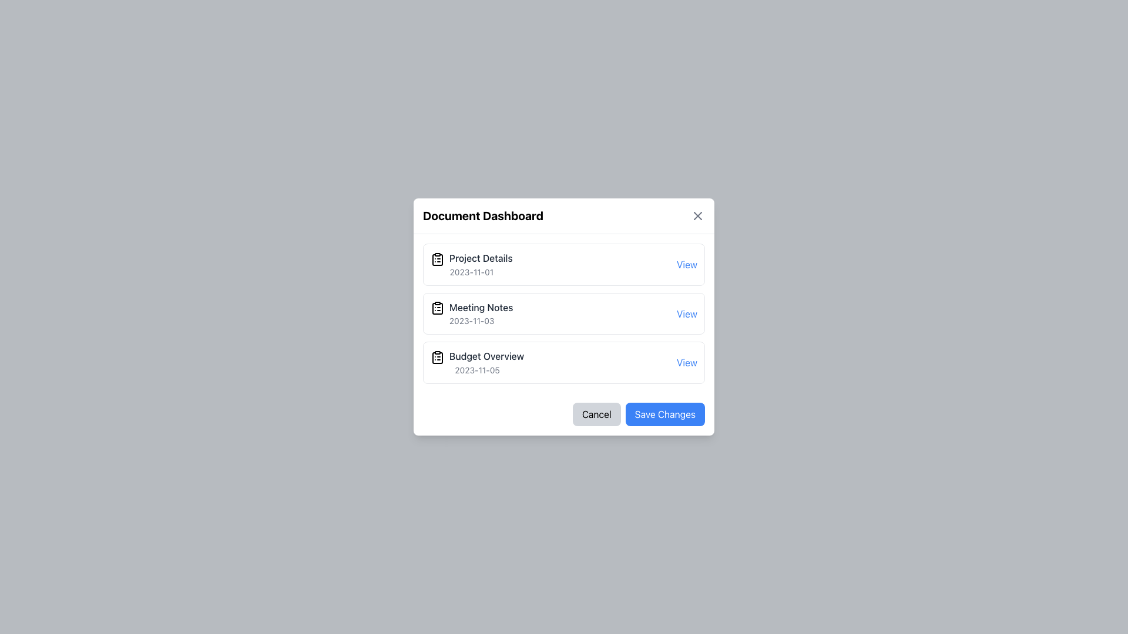  I want to click on the 'Project Details' text within the document entry block, which is the first item under the 'Document Dashboard' heading, so click(471, 264).